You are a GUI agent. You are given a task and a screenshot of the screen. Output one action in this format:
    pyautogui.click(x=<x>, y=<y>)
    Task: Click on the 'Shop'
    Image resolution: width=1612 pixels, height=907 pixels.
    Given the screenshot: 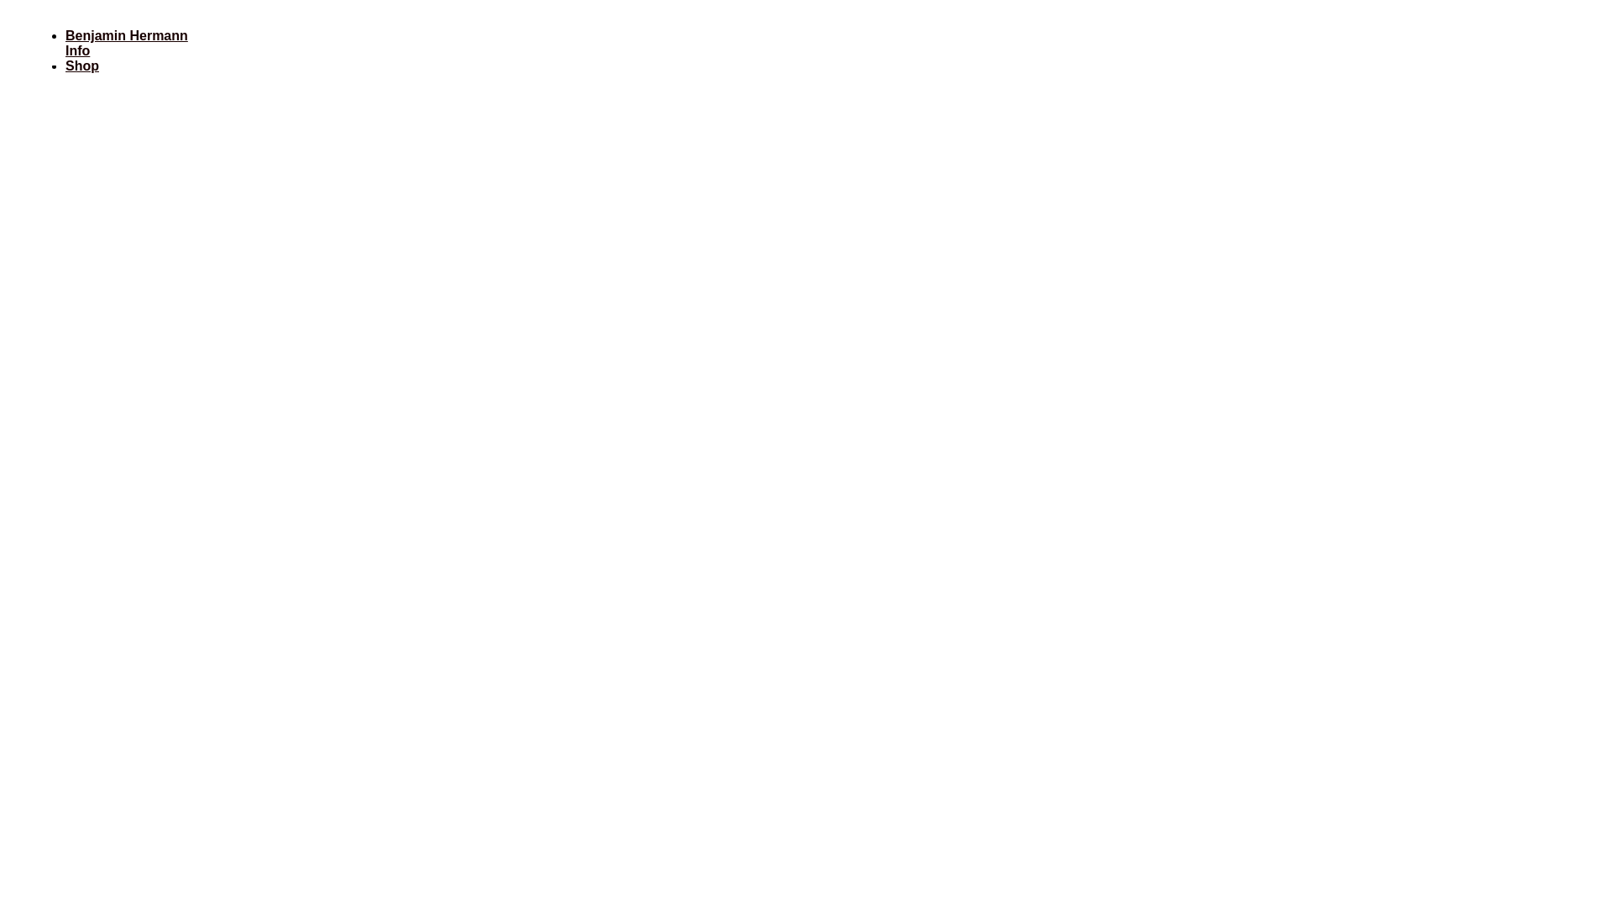 What is the action you would take?
    pyautogui.click(x=65, y=65)
    